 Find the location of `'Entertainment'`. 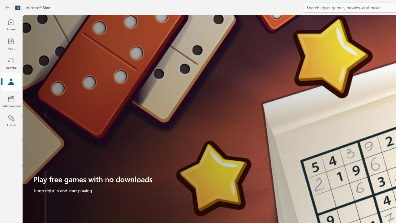

'Entertainment' is located at coordinates (11, 101).